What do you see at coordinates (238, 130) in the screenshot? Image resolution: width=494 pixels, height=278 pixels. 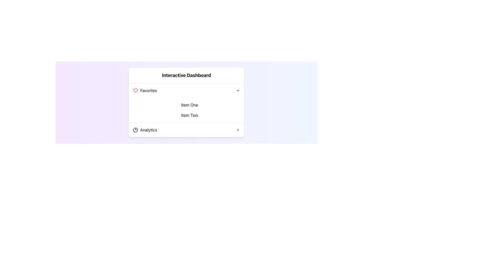 I see `the rightward-pointing Chevron Arrow Indicator located at the rightmost end of the 'Analytics' row` at bounding box center [238, 130].